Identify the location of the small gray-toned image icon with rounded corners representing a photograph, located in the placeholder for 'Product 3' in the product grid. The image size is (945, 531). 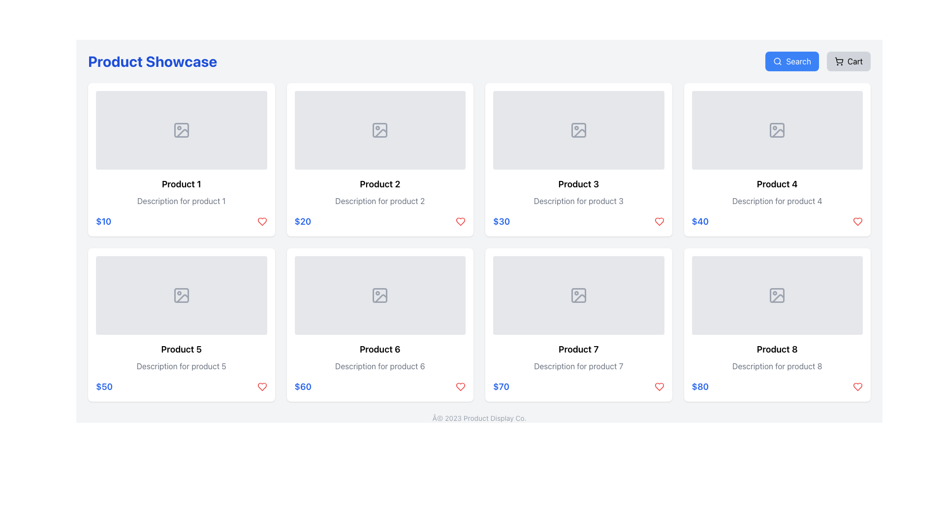
(578, 130).